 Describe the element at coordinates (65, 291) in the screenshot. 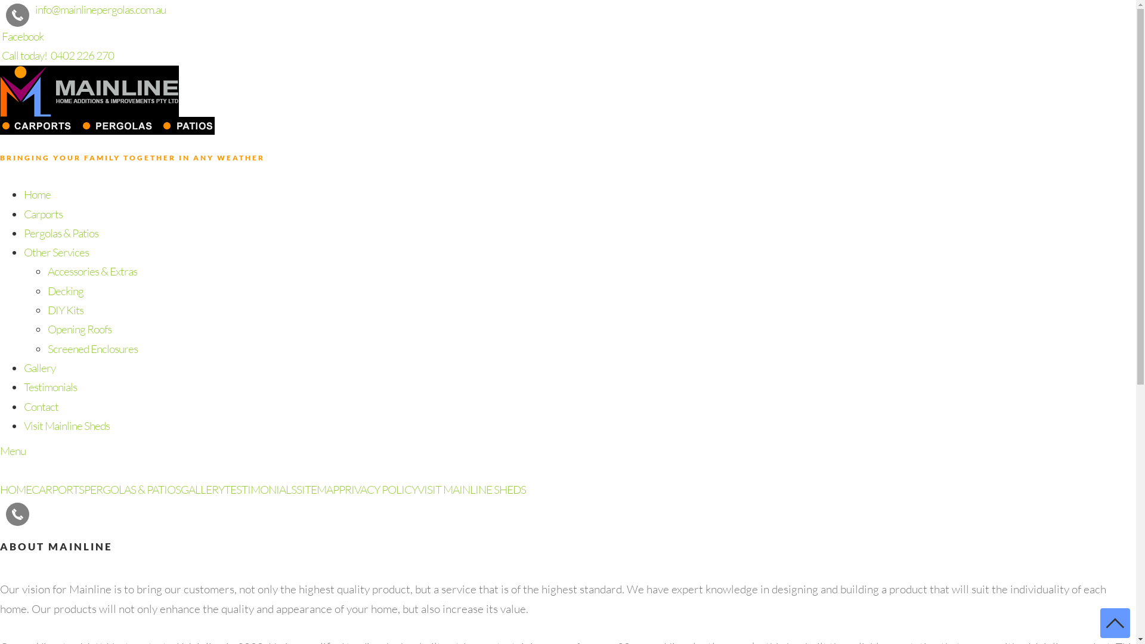

I see `'Decking'` at that location.